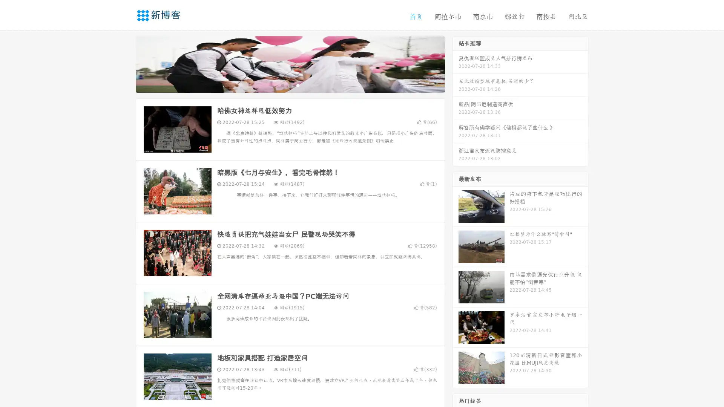  Describe the element at coordinates (456, 63) in the screenshot. I see `Next slide` at that location.